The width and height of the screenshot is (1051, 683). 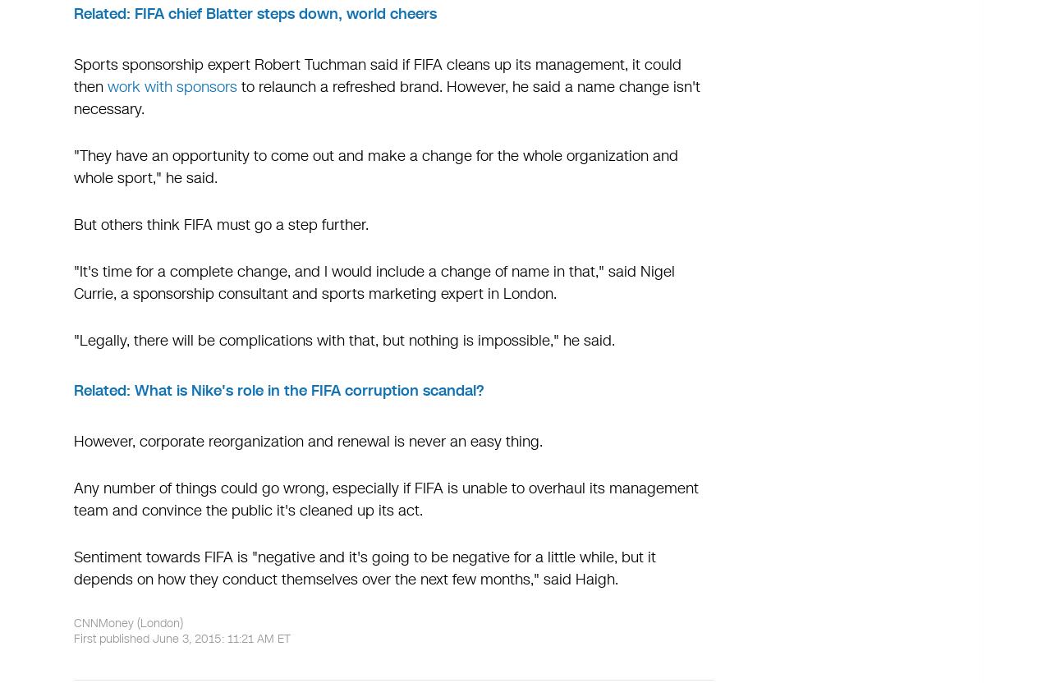 What do you see at coordinates (72, 340) in the screenshot?
I see `'"Legally, there will be complications with that, but nothing is impossible," he said.'` at bounding box center [72, 340].